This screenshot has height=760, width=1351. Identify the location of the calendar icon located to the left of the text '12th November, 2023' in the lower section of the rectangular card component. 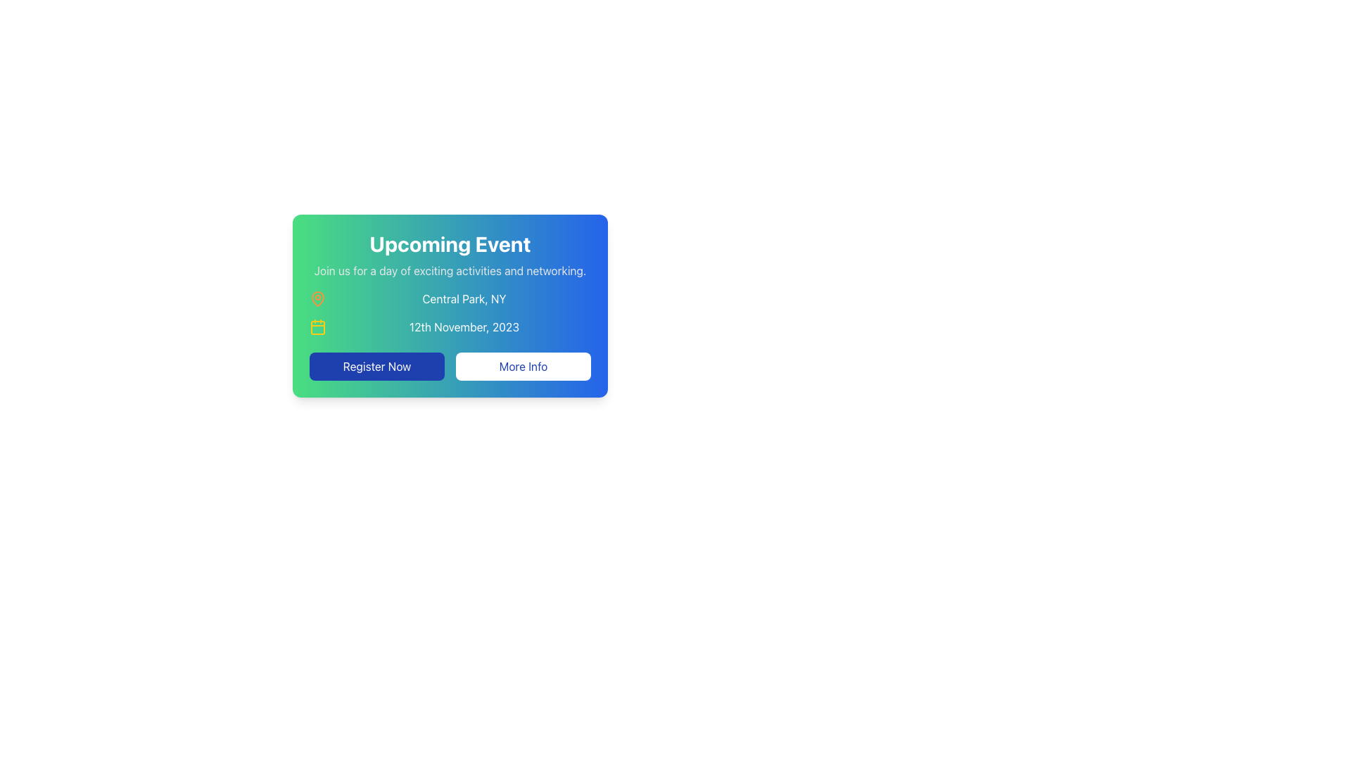
(317, 327).